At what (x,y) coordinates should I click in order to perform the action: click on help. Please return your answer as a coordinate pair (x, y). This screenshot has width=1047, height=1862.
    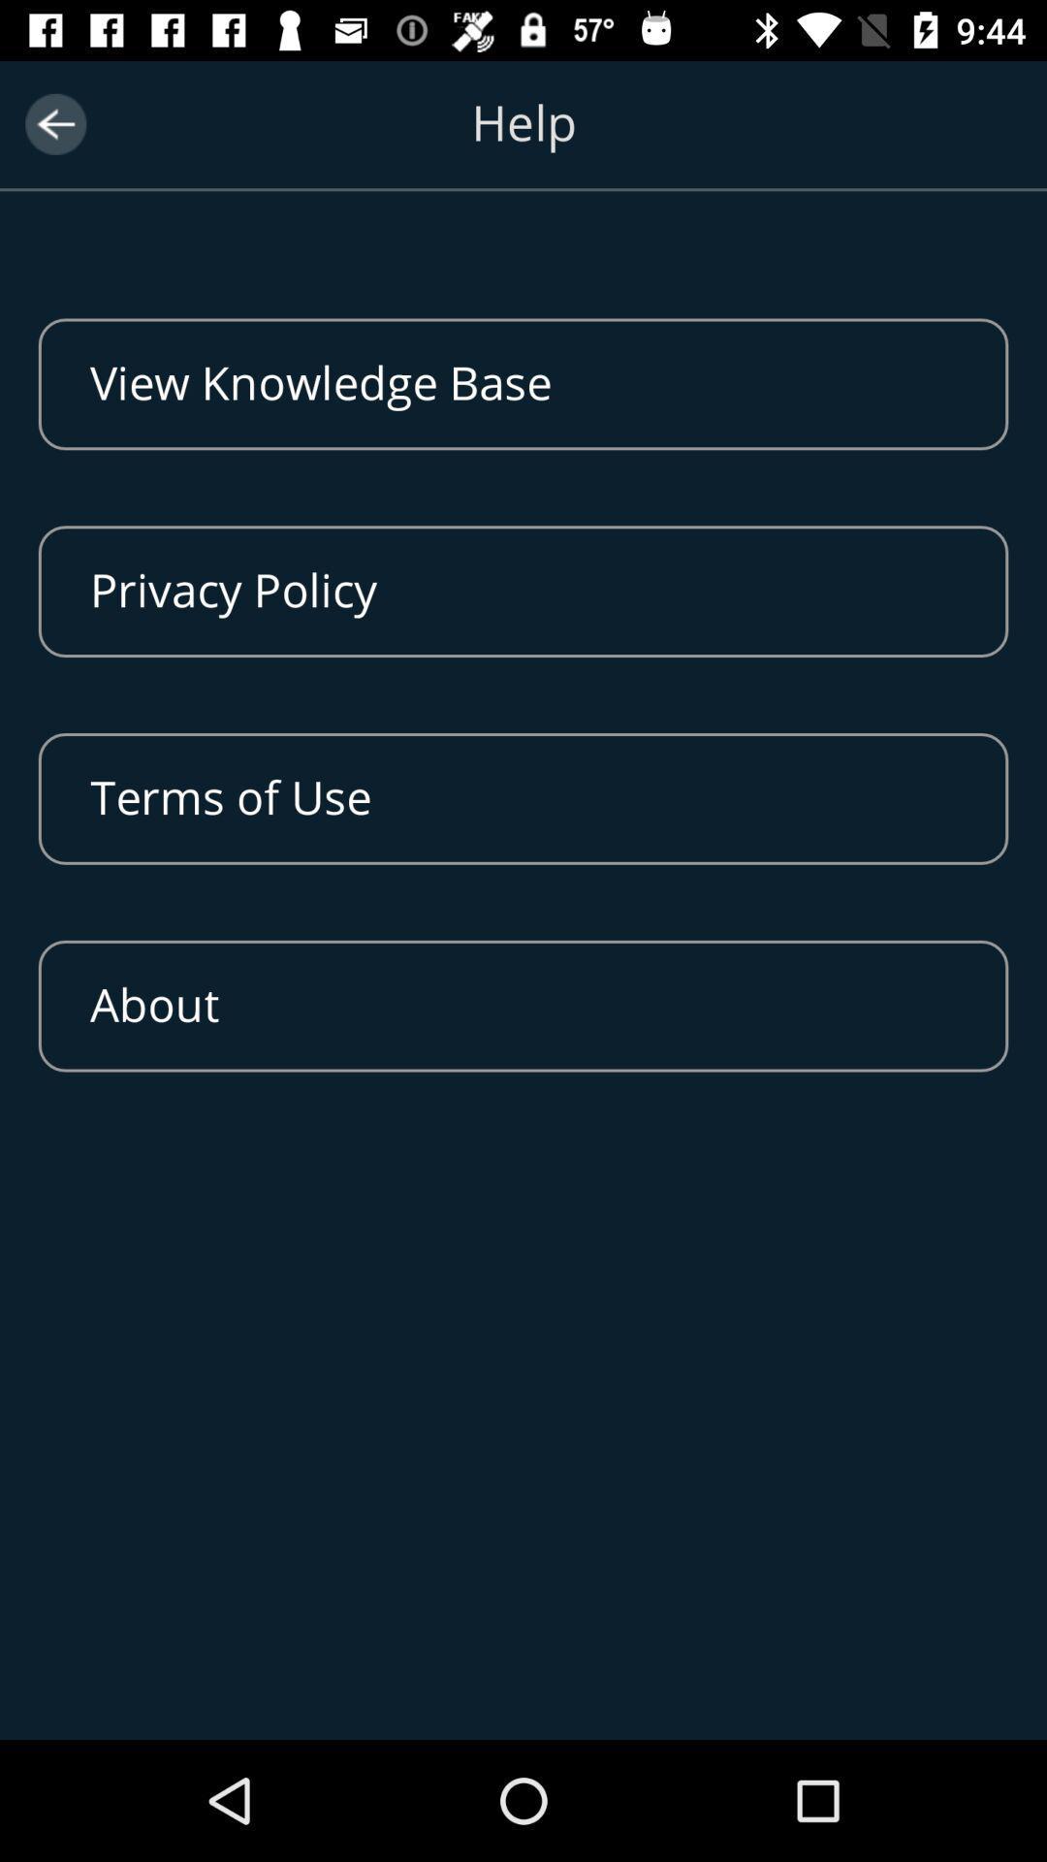
    Looking at the image, I should click on (523, 144).